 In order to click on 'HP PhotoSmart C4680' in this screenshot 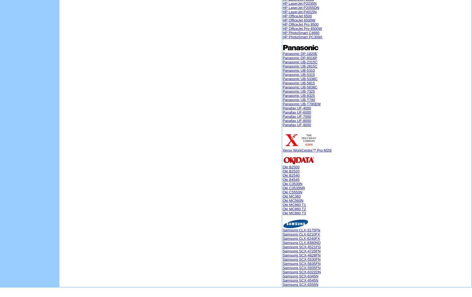, I will do `click(301, 33)`.